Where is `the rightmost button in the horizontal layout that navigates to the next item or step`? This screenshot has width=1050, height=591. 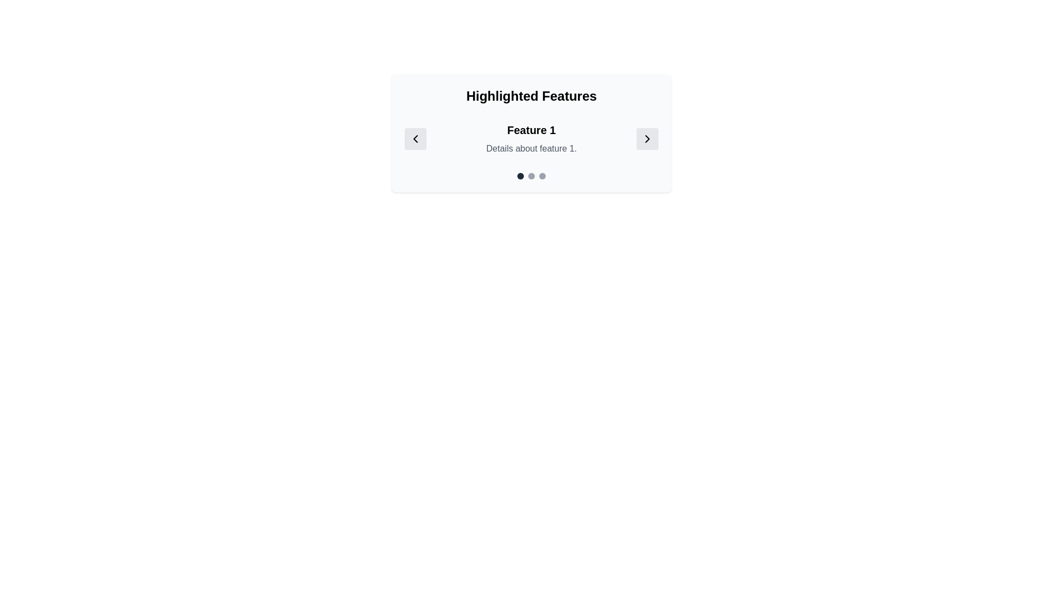 the rightmost button in the horizontal layout that navigates to the next item or step is located at coordinates (647, 138).